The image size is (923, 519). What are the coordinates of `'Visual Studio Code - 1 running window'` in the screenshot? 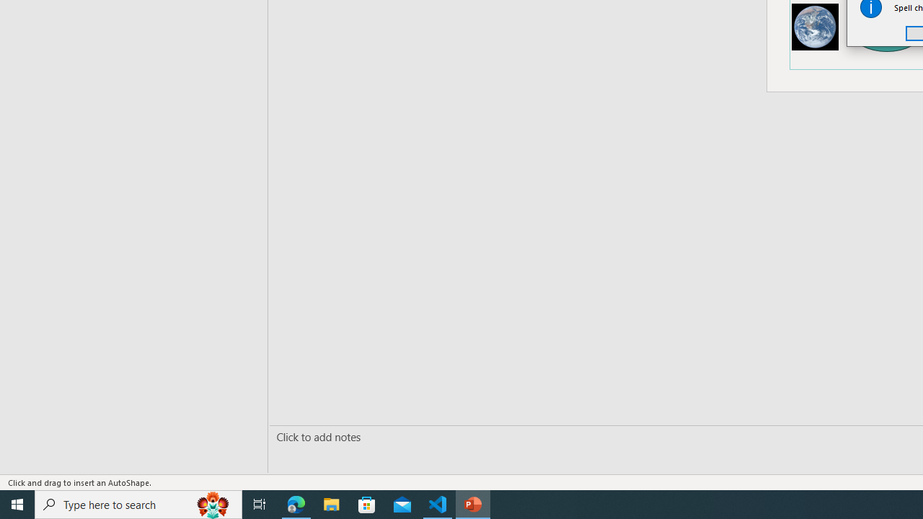 It's located at (437, 503).